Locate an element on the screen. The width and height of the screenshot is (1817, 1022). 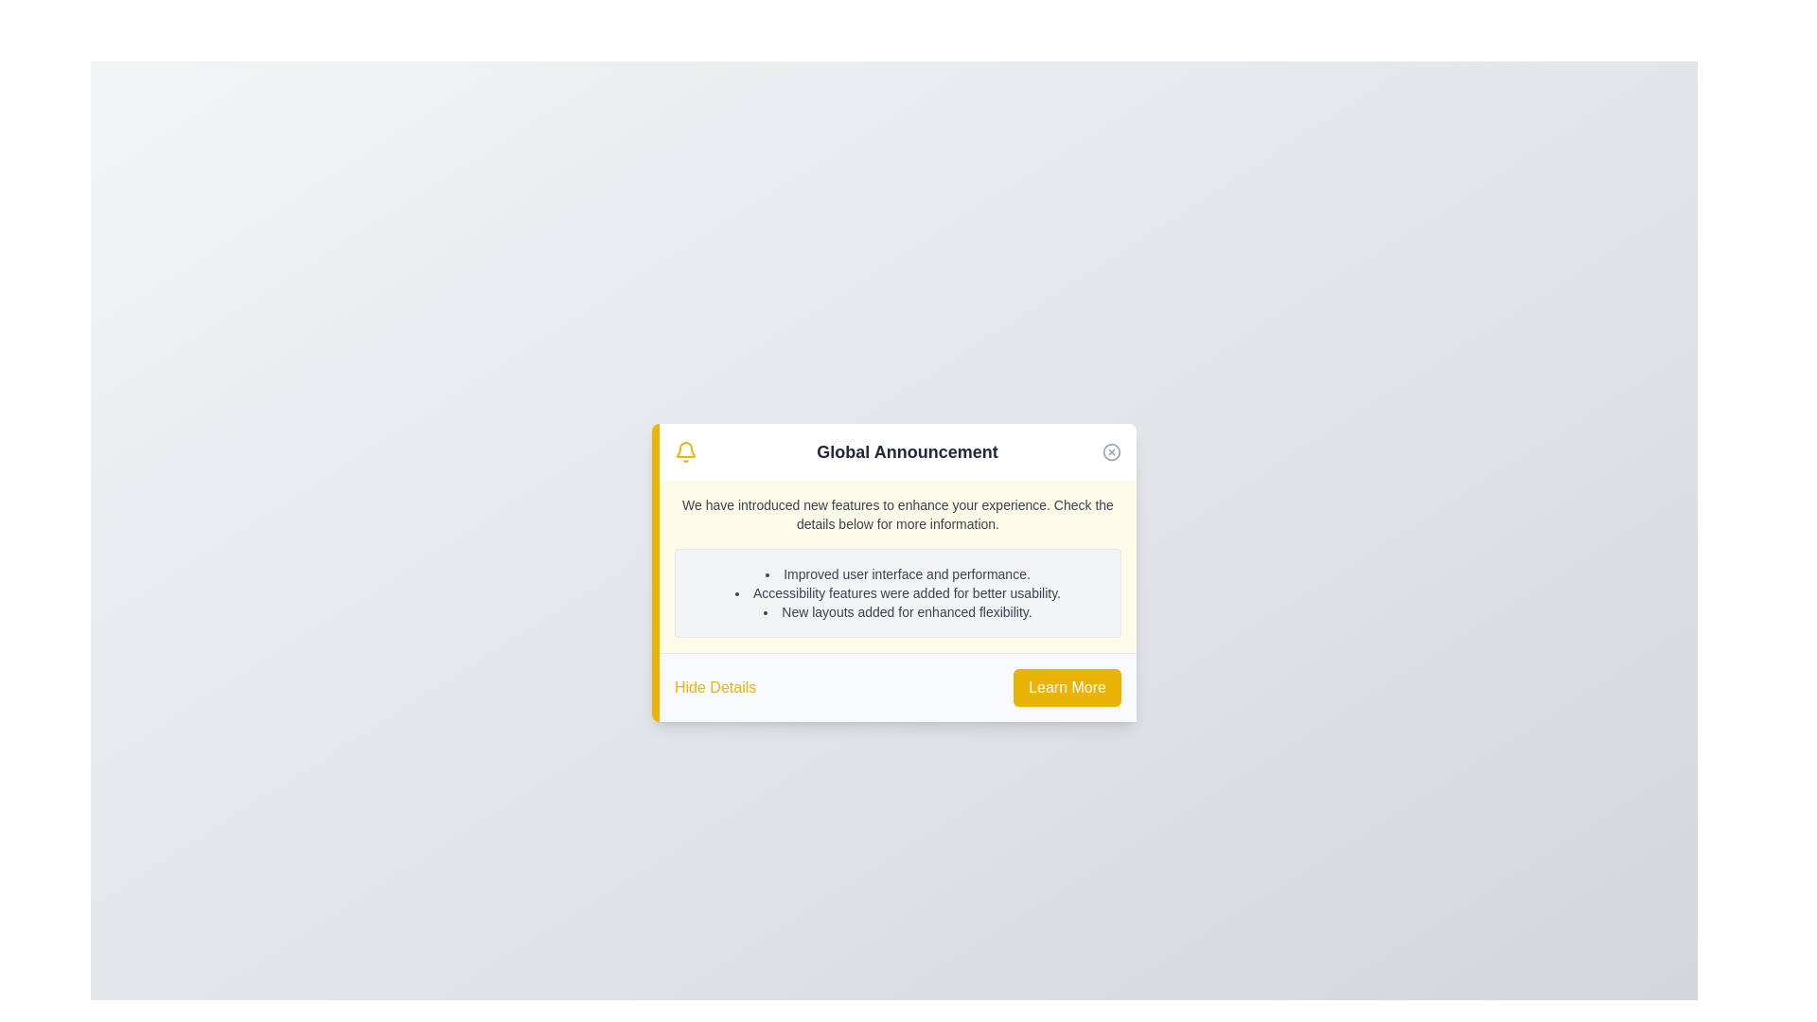
the close button to dismiss the notification is located at coordinates (1112, 451).